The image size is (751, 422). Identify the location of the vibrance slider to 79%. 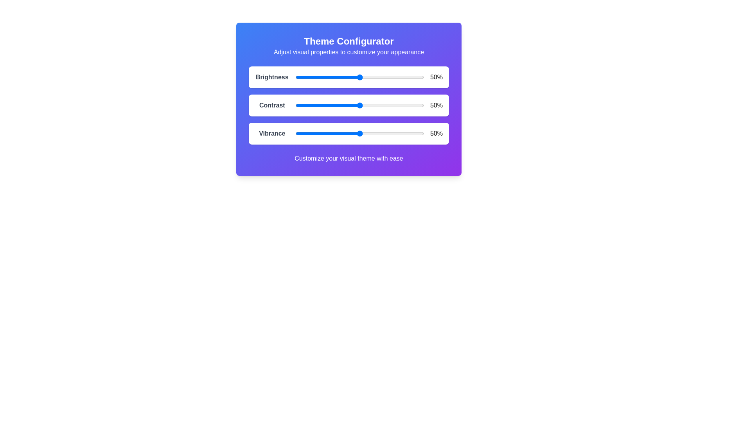
(397, 133).